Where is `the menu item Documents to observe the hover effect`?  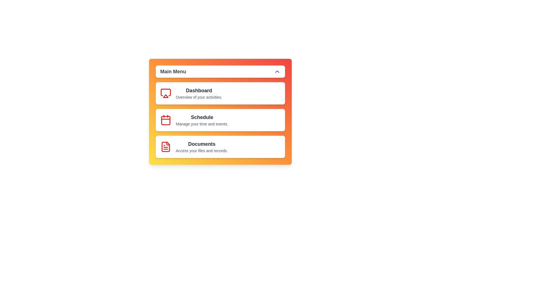
the menu item Documents to observe the hover effect is located at coordinates (220, 147).